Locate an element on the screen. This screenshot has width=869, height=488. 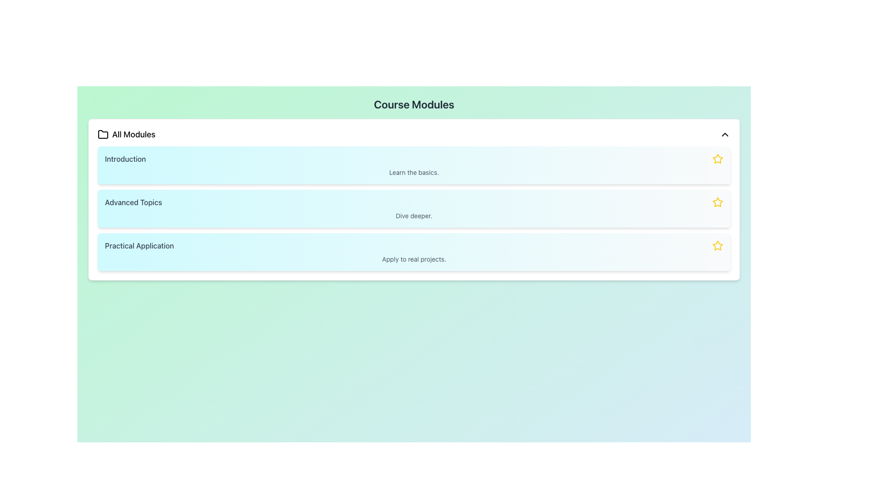
the text label 'Learn the basics.' located below the title 'Introduction' in the first course module card is located at coordinates (414, 172).